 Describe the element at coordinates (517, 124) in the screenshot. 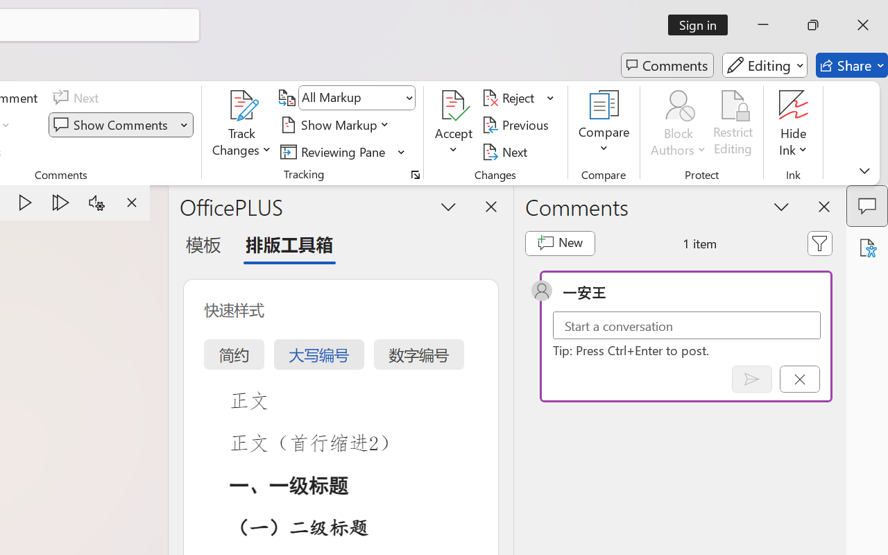

I see `'Previous'` at that location.